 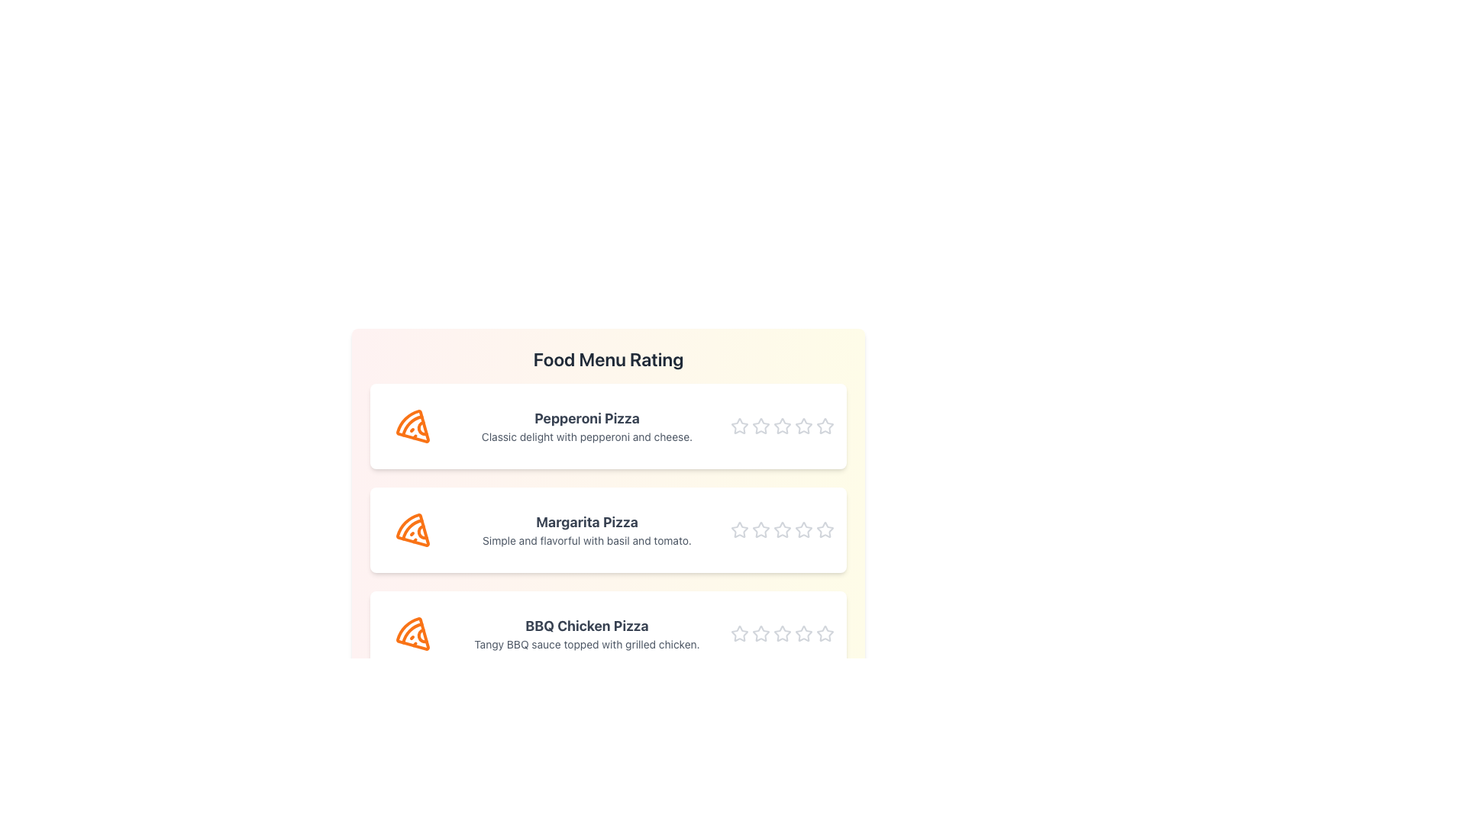 I want to click on the fifth star icon used for rating the 'Pepperoni Pizza' menu item, so click(x=824, y=426).